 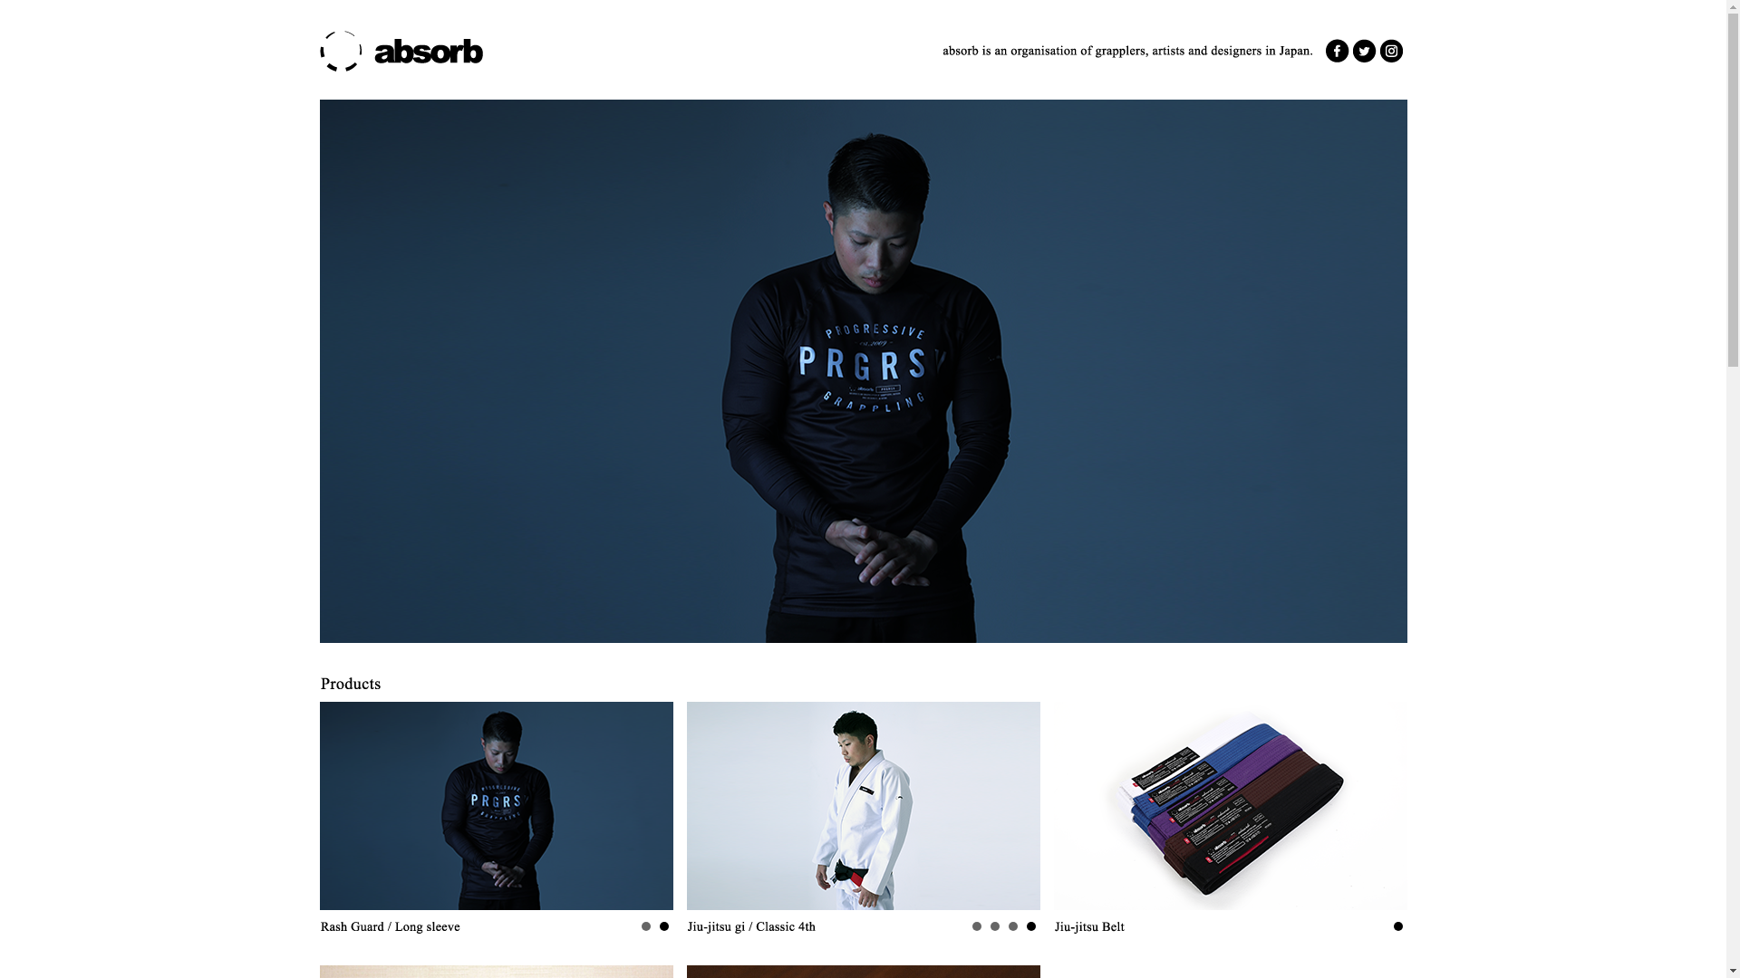 I want to click on 'Next', so click(x=1017, y=805).